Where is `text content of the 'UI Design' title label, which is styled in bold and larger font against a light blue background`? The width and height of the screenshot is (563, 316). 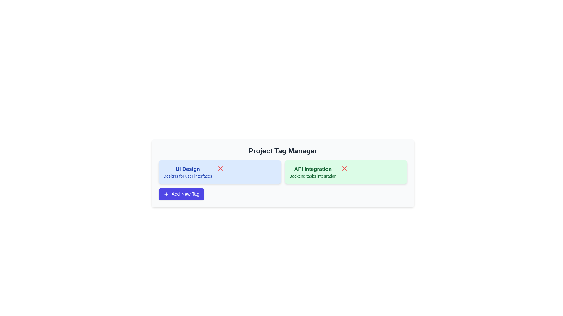 text content of the 'UI Design' title label, which is styled in bold and larger font against a light blue background is located at coordinates (188, 169).